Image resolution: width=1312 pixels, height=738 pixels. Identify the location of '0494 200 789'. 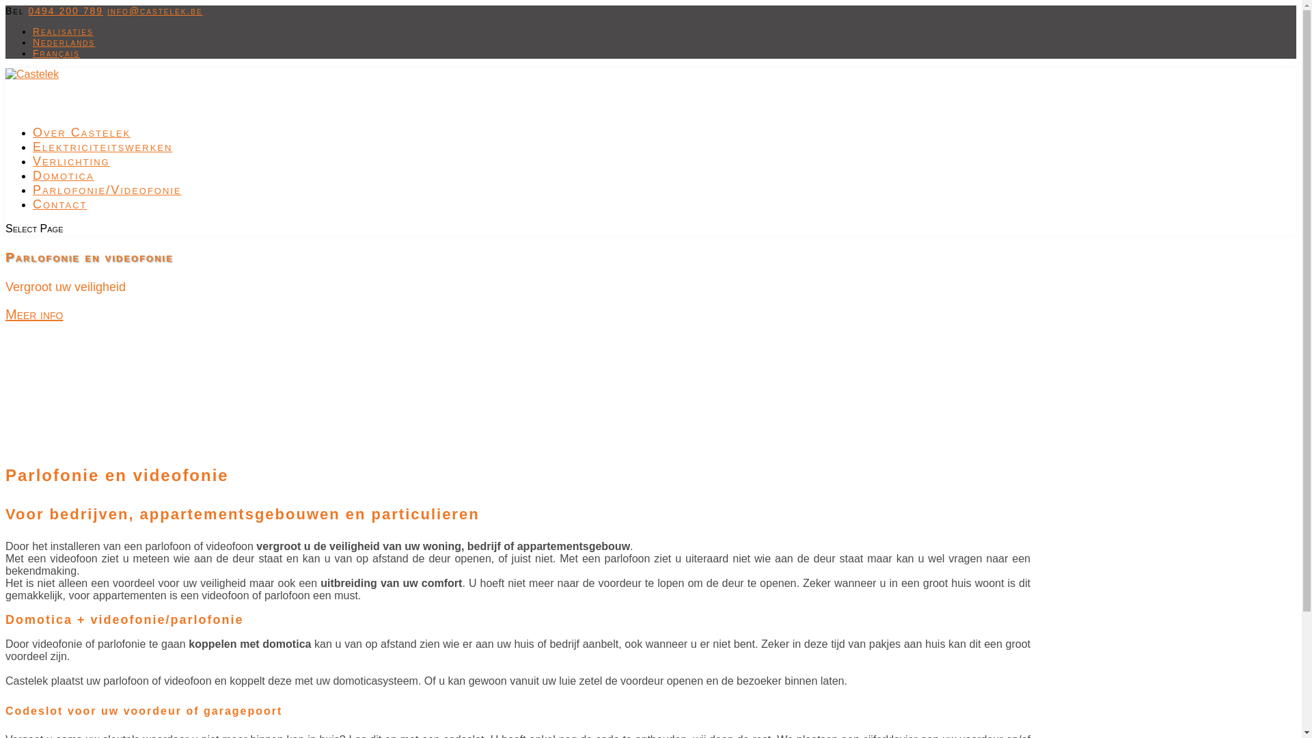
(65, 10).